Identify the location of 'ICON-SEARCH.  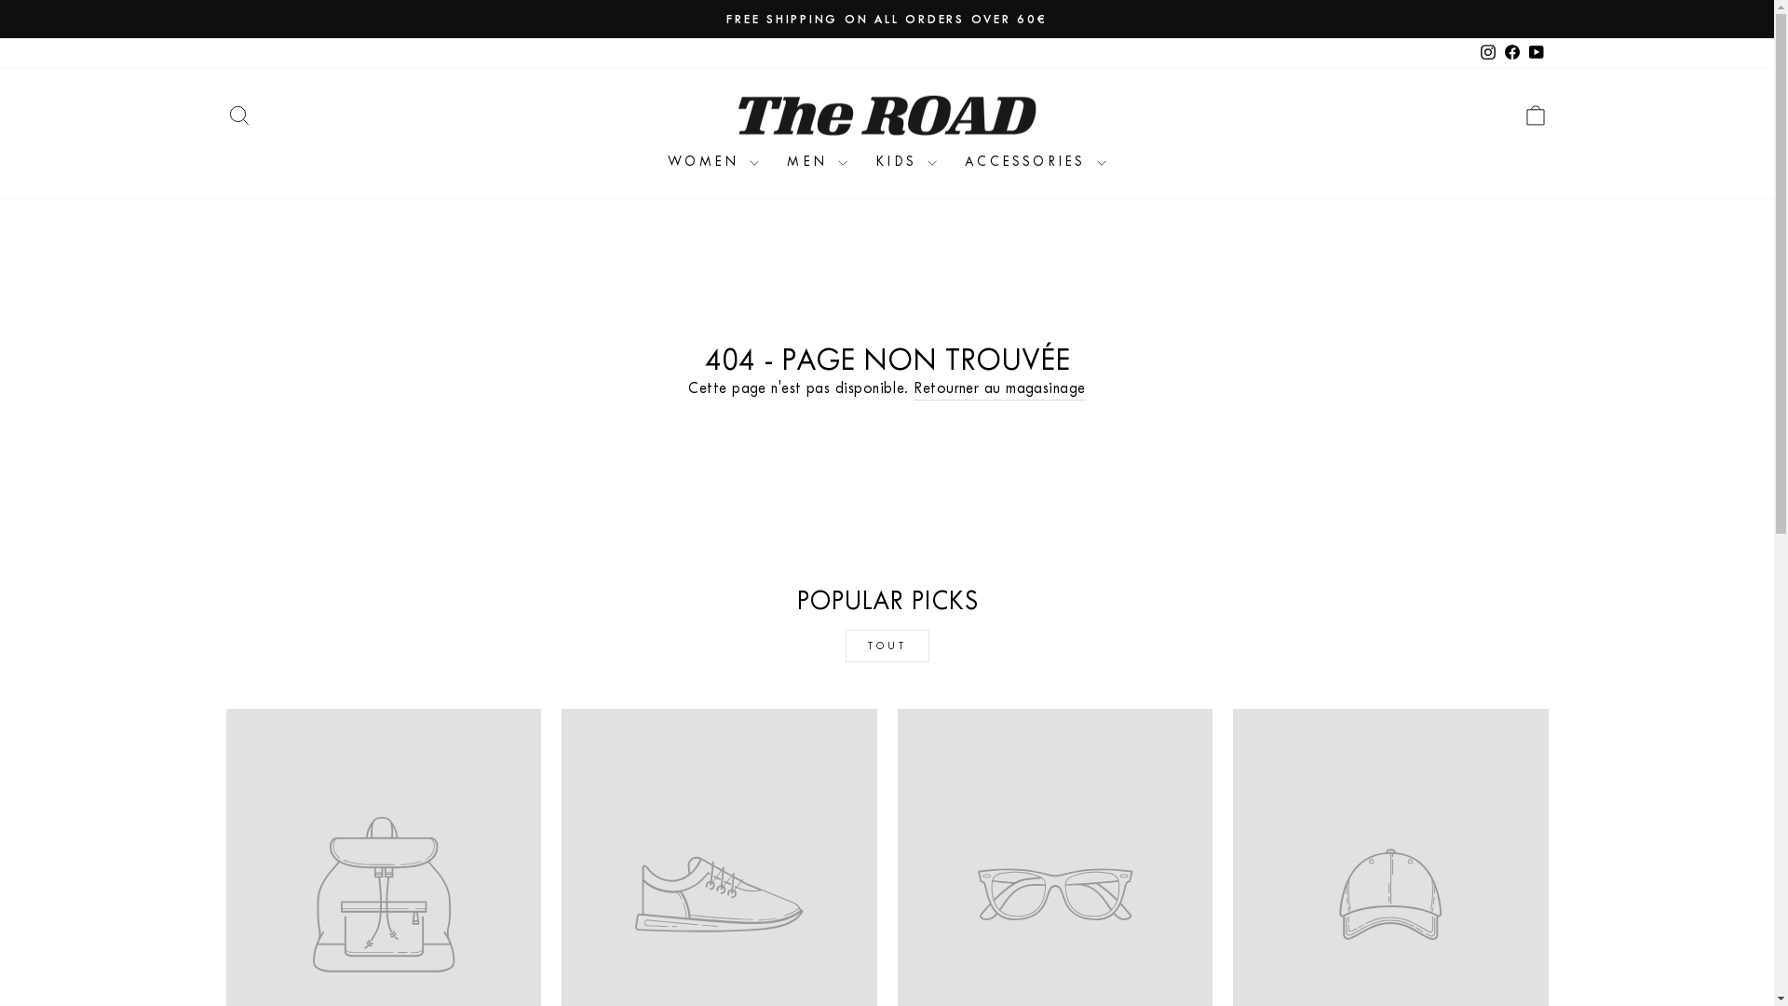
(237, 116).